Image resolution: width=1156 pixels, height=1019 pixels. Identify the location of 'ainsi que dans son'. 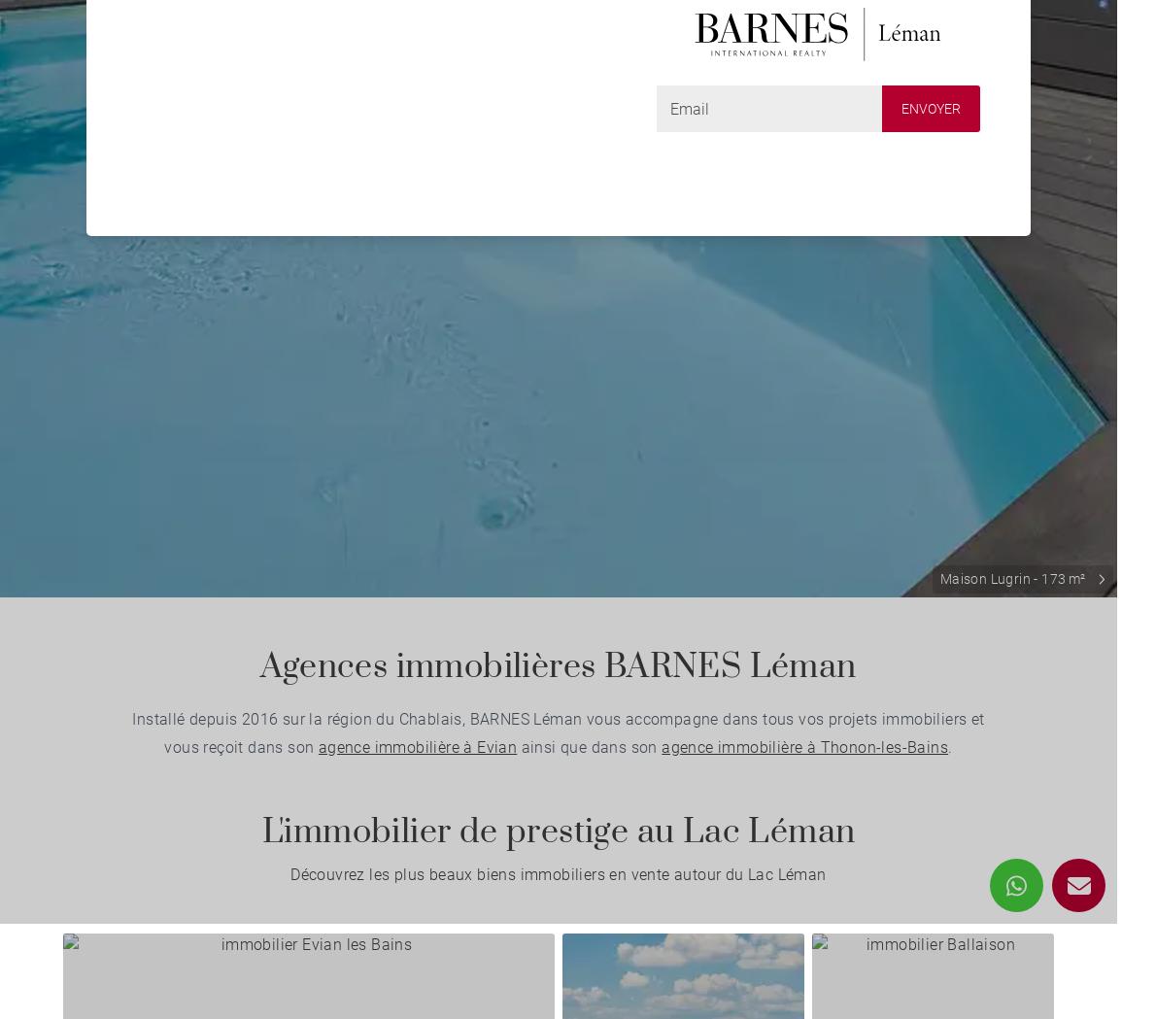
(588, 746).